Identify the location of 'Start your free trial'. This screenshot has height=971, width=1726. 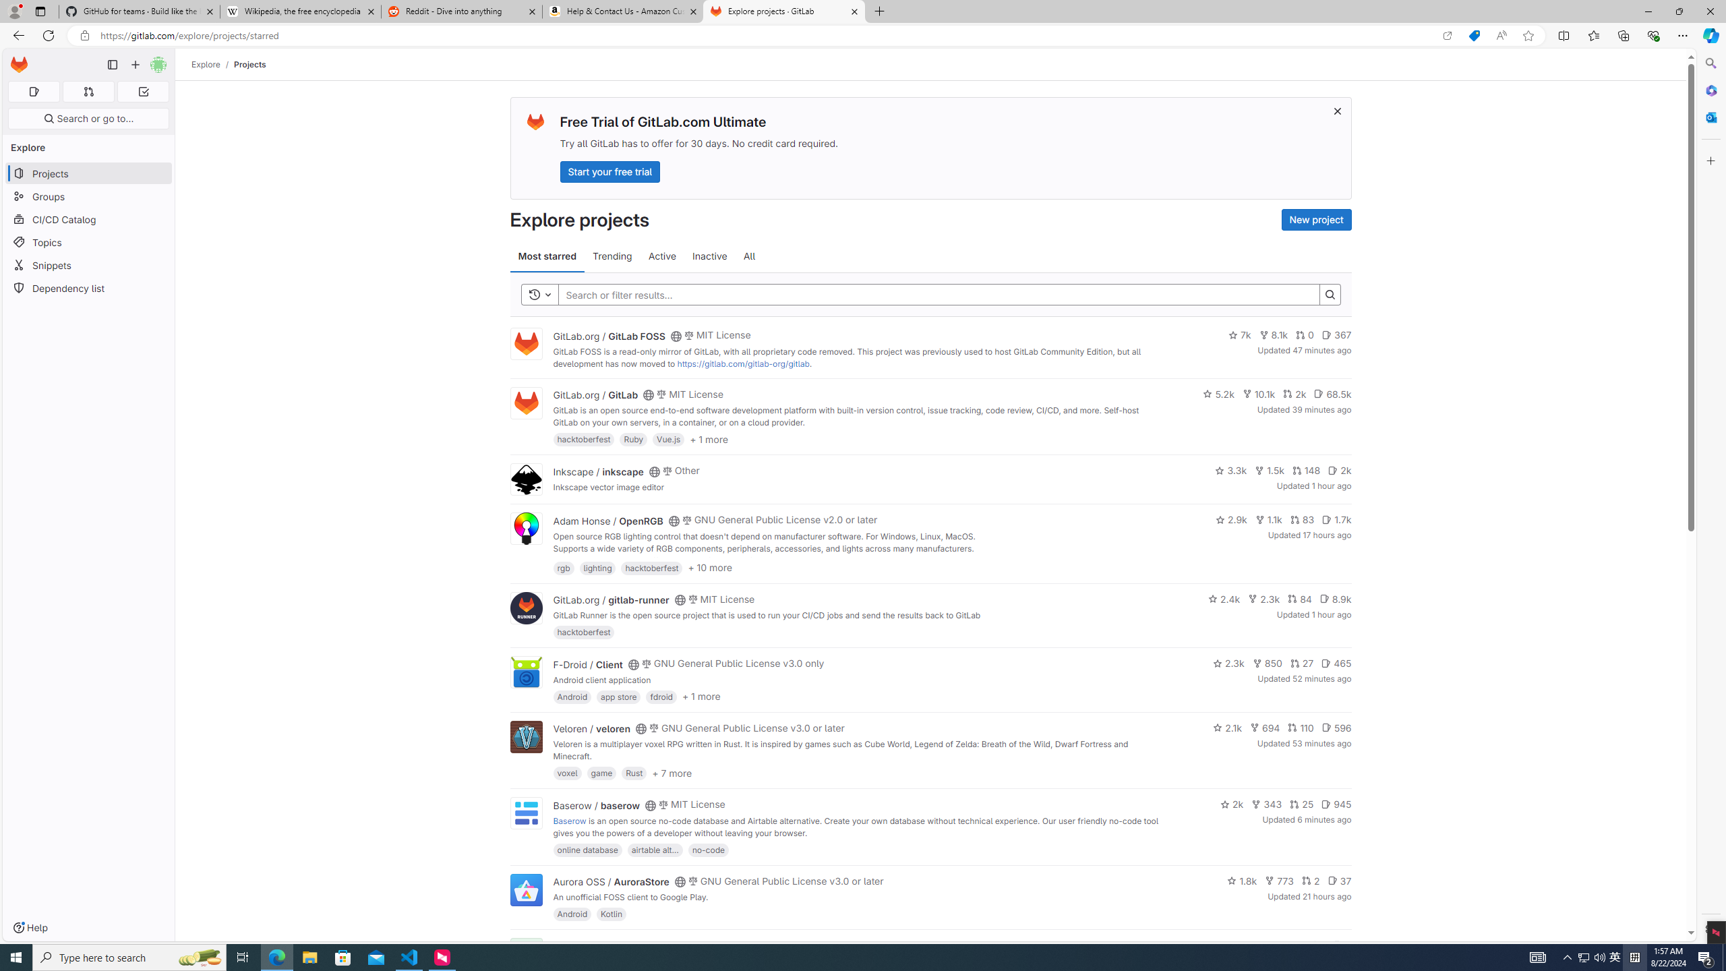
(609, 171).